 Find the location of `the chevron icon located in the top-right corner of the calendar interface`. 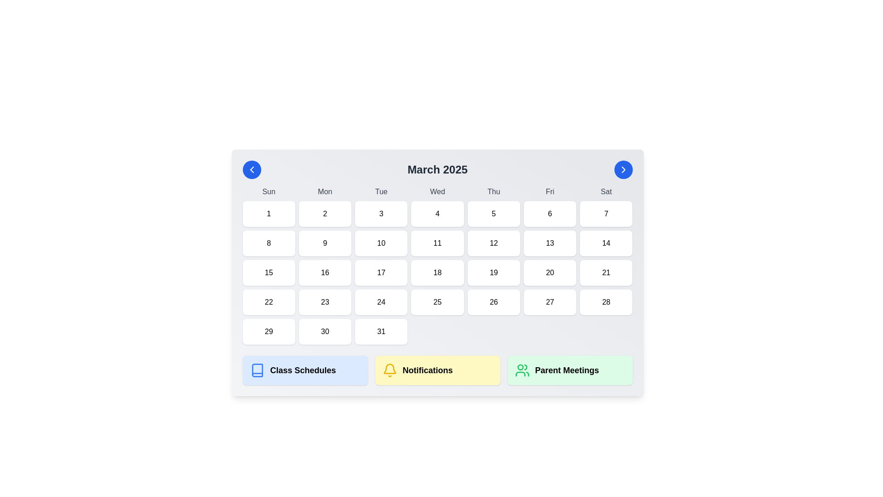

the chevron icon located in the top-right corner of the calendar interface is located at coordinates (623, 170).